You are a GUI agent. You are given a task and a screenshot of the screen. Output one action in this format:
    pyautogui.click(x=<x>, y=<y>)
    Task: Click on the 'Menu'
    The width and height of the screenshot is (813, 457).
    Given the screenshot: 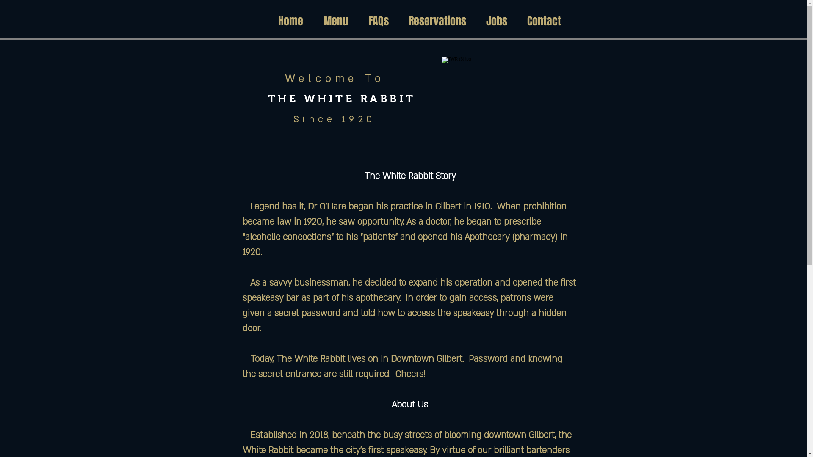 What is the action you would take?
    pyautogui.click(x=335, y=21)
    